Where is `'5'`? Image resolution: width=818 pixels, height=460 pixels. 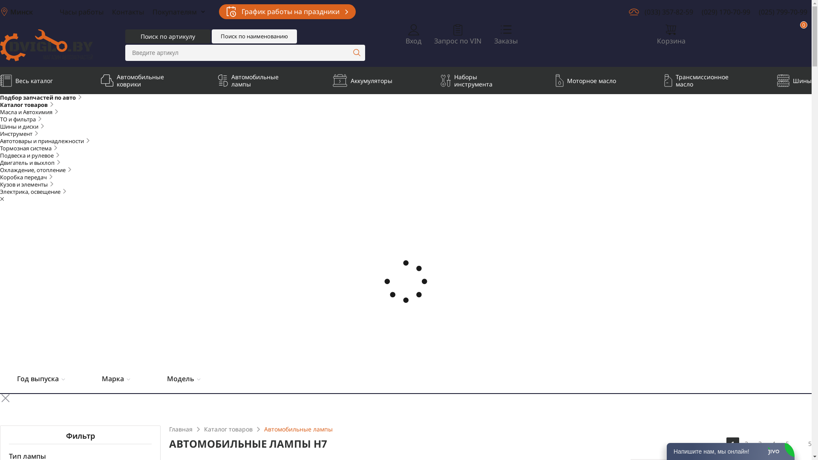
'5' is located at coordinates (787, 443).